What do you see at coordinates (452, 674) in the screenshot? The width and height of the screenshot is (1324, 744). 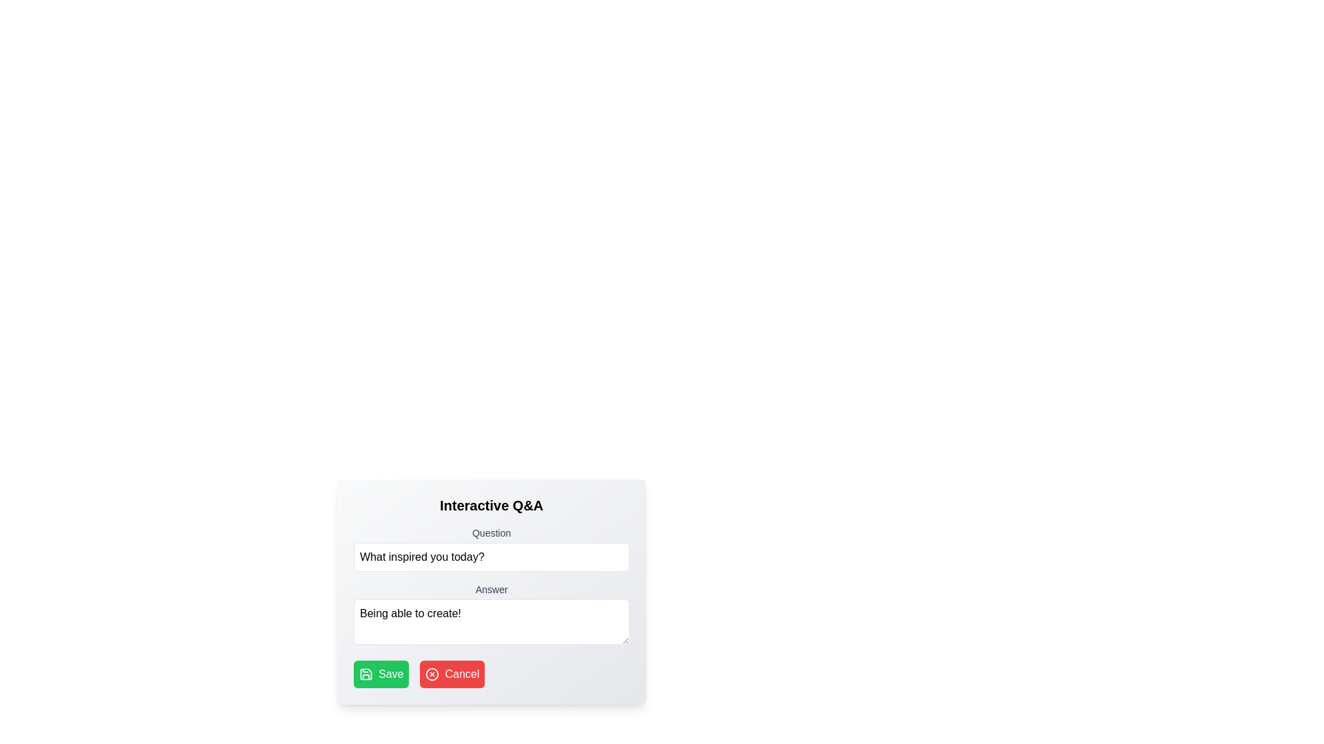 I see `the 'Cancel' button, which is the rightmost button in a row of two buttons at the bottom of the card` at bounding box center [452, 674].